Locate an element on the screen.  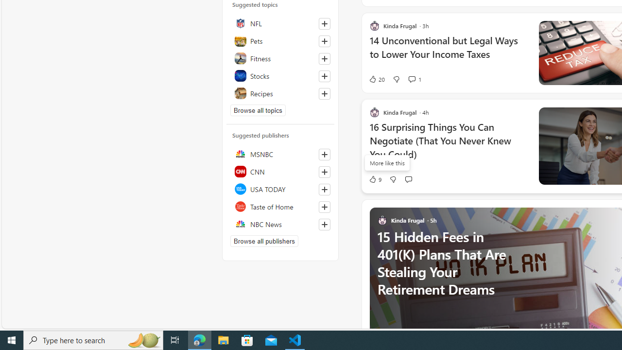
'Taste of Home' is located at coordinates (280, 206).